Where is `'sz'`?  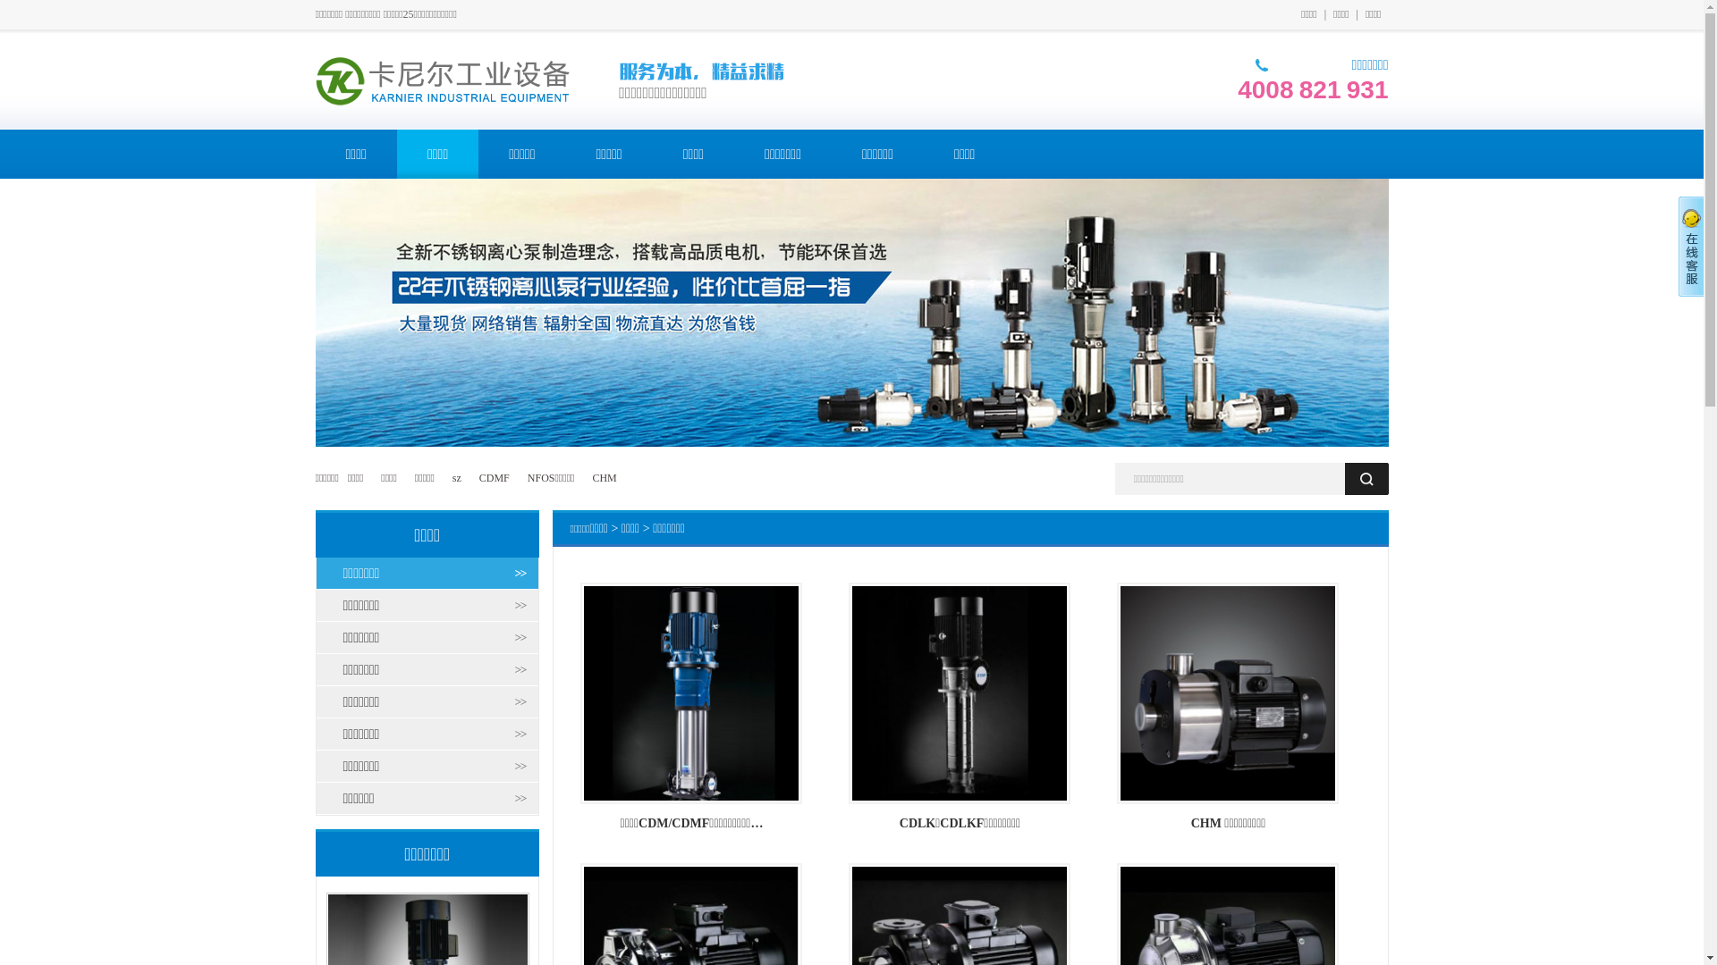
'sz' is located at coordinates (456, 477).